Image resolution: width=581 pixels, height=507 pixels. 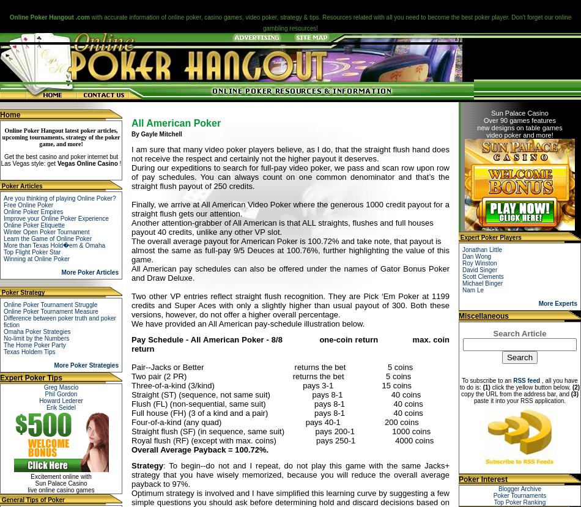 What do you see at coordinates (492, 333) in the screenshot?
I see `'Search Article'` at bounding box center [492, 333].